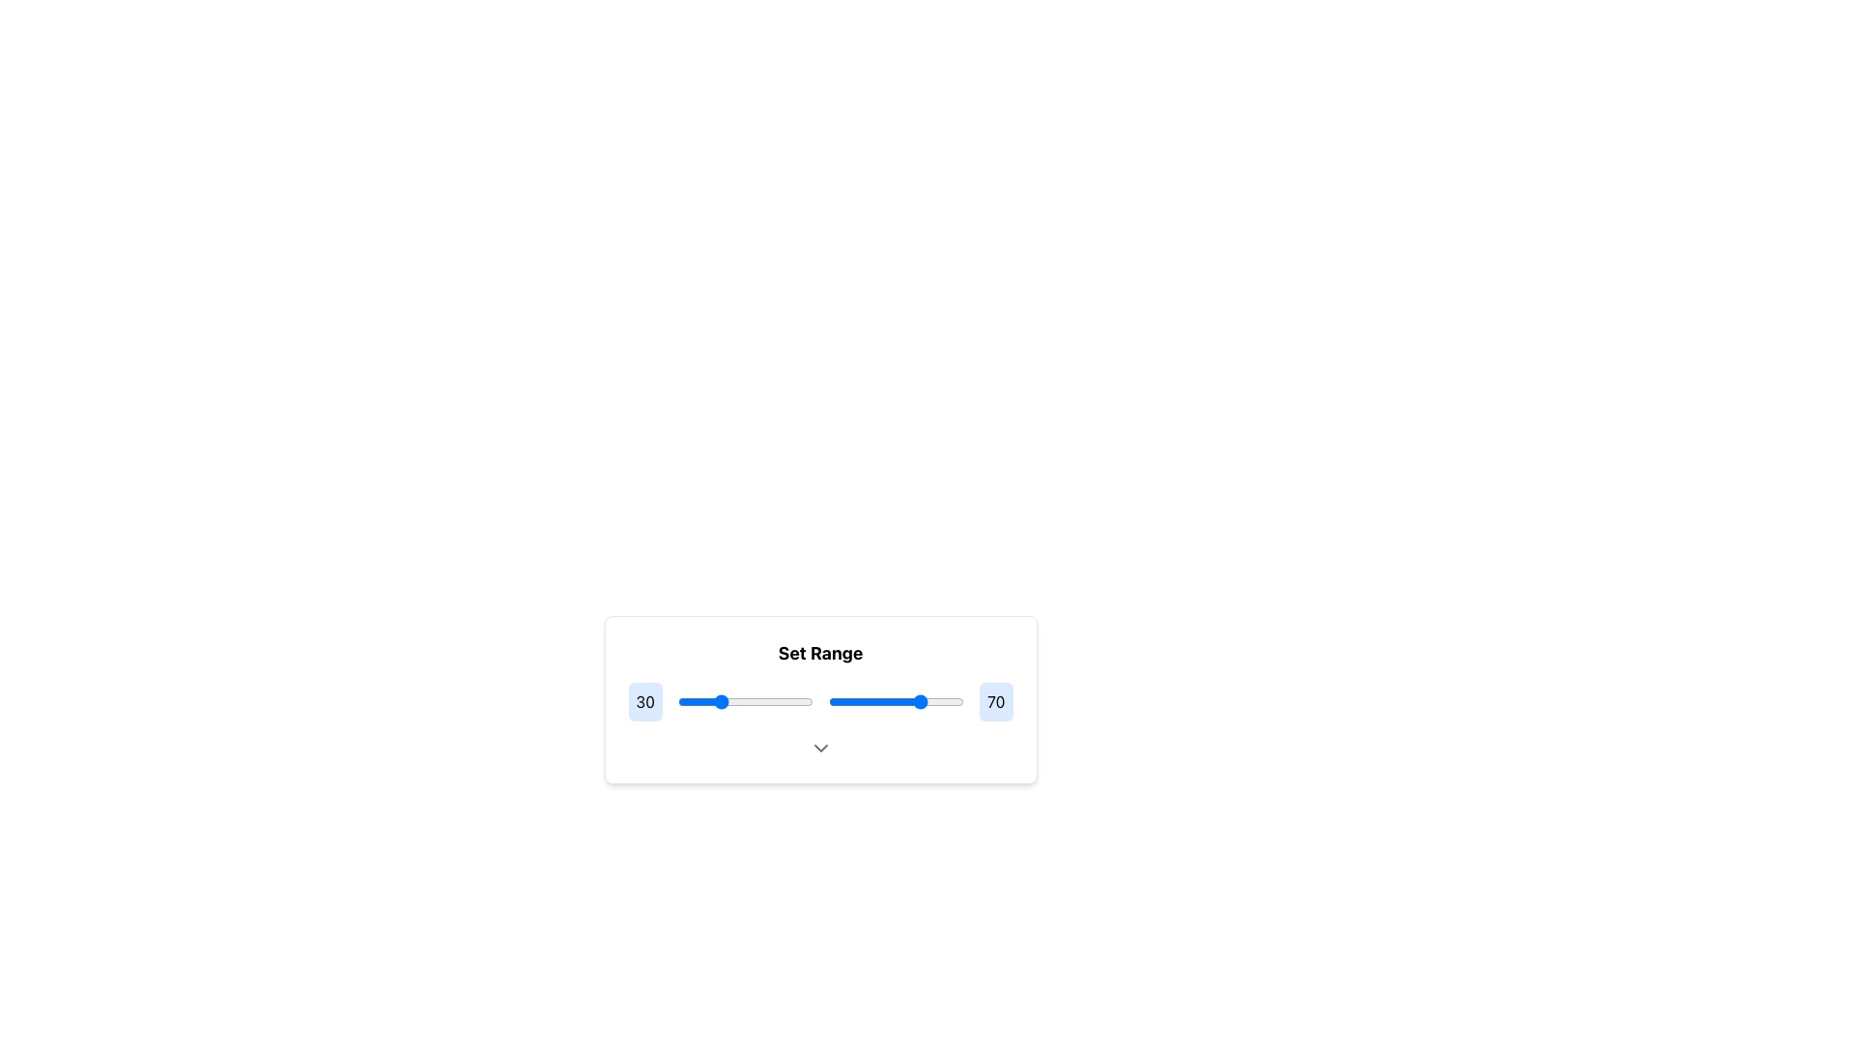 The height and width of the screenshot is (1043, 1855). What do you see at coordinates (679, 701) in the screenshot?
I see `the slider value` at bounding box center [679, 701].